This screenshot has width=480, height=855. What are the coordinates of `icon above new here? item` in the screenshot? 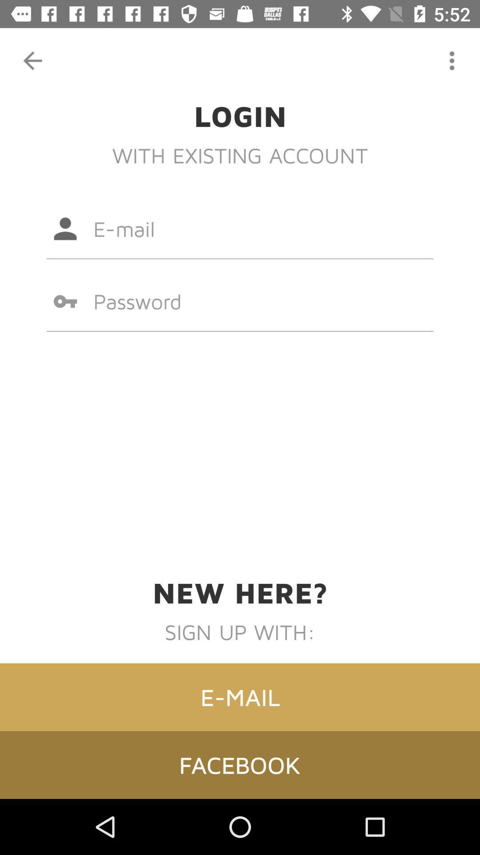 It's located at (240, 301).